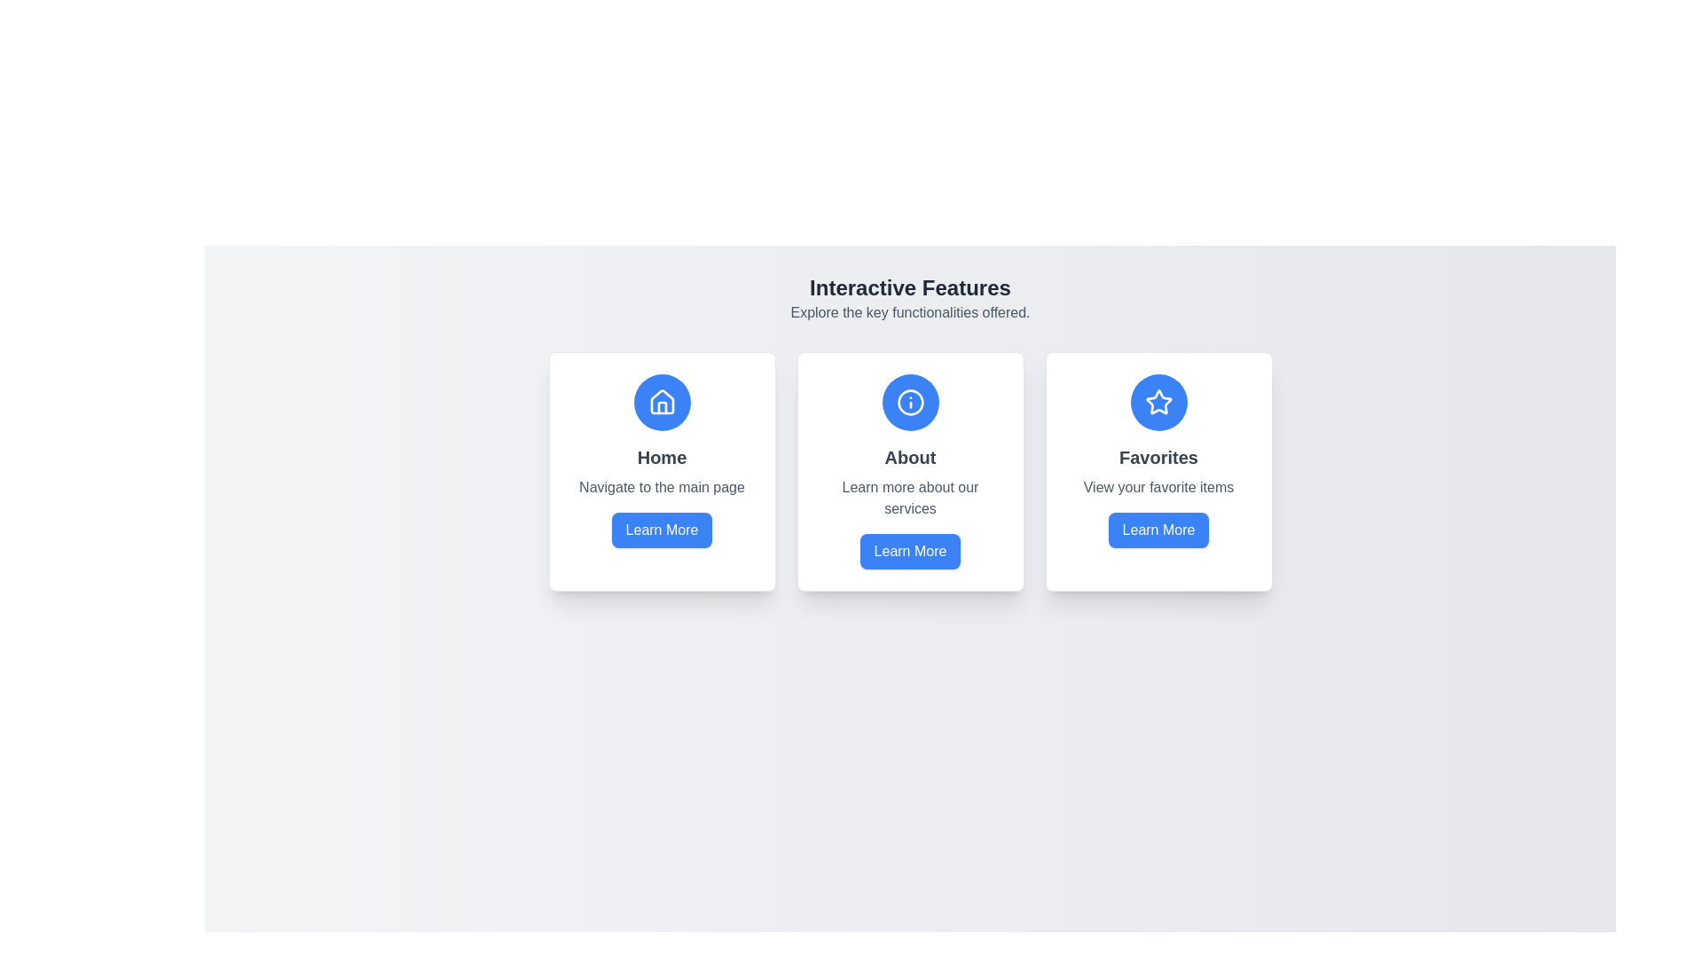  What do you see at coordinates (661, 403) in the screenshot?
I see `the home icon located above the text 'Home' within the first card of three, serving as a visual indicator for the home functionality` at bounding box center [661, 403].